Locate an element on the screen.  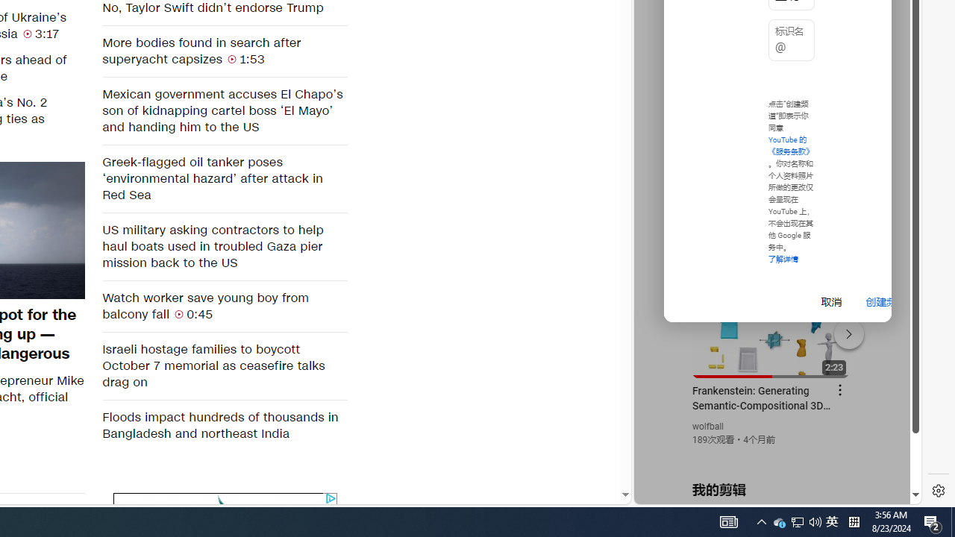
'YouTube - YouTube' is located at coordinates (771, 198).